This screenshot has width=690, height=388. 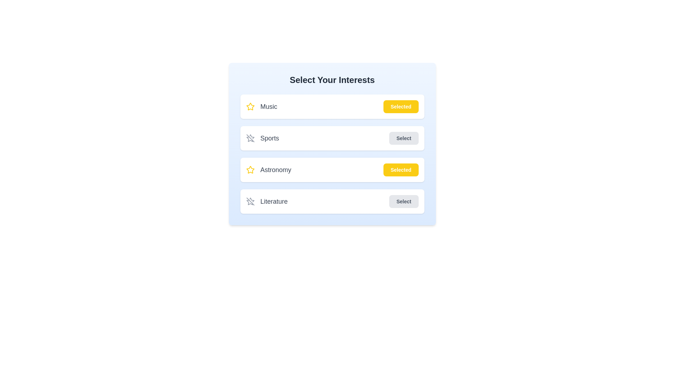 I want to click on the interest Literature, so click(x=404, y=201).